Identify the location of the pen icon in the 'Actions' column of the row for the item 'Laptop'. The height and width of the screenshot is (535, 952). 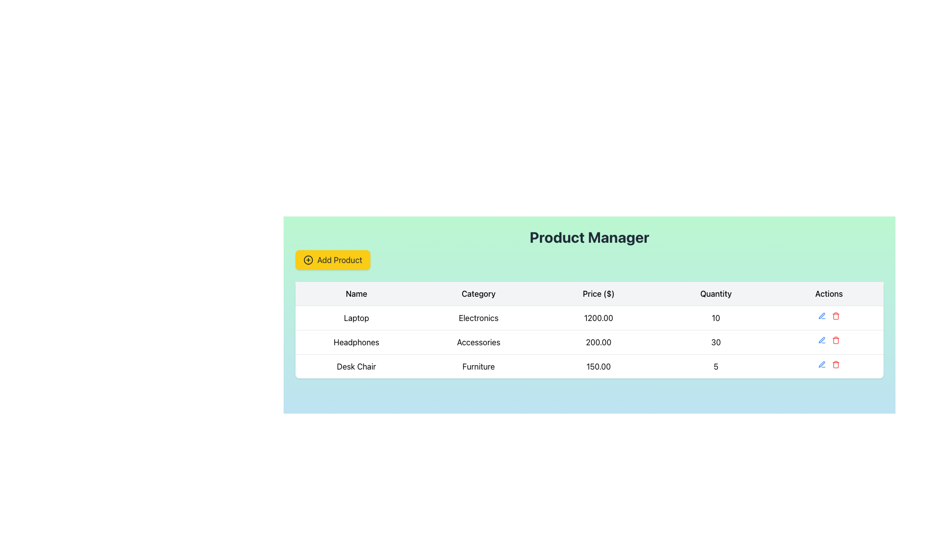
(829, 316).